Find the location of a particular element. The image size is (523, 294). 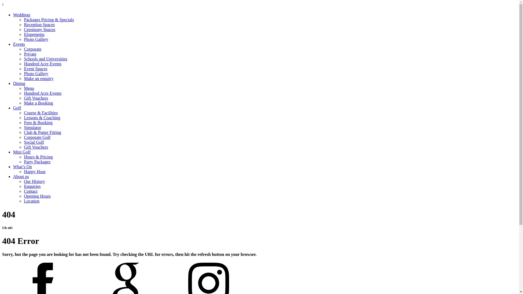

'Hours & Pricing' is located at coordinates (38, 157).